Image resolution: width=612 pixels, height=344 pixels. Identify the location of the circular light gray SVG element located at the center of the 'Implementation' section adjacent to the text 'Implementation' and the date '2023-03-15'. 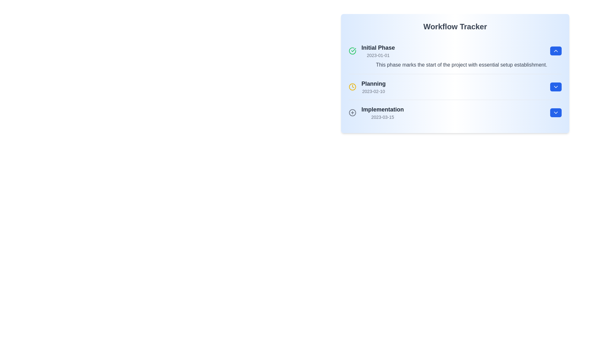
(352, 112).